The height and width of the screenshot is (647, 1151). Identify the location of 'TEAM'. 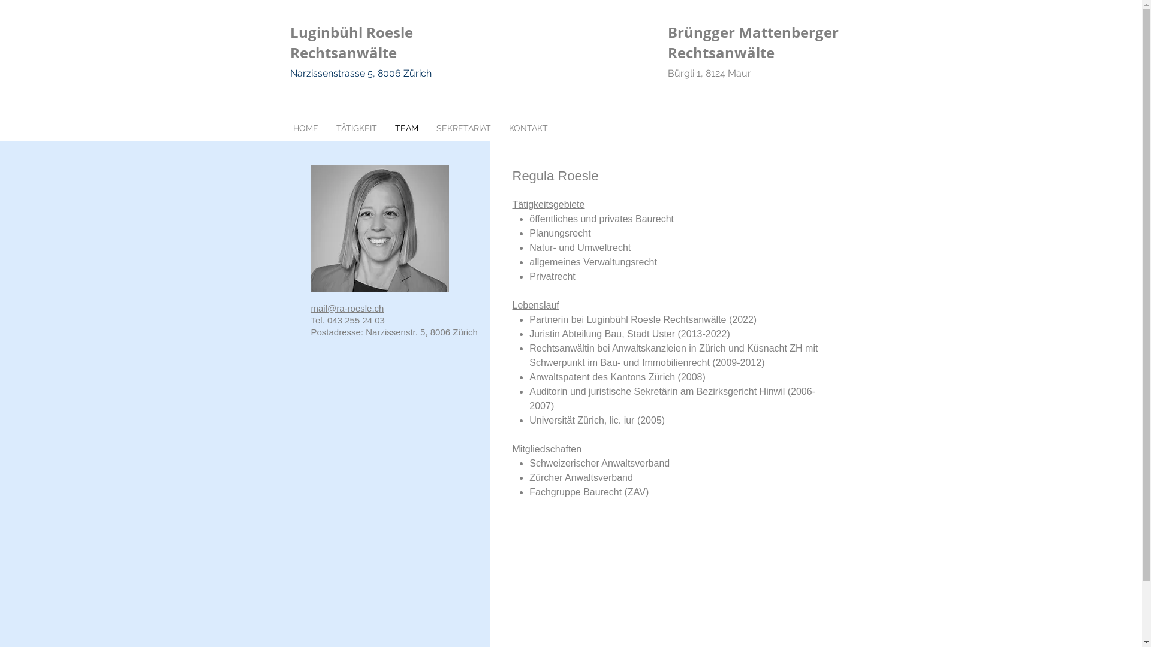
(406, 128).